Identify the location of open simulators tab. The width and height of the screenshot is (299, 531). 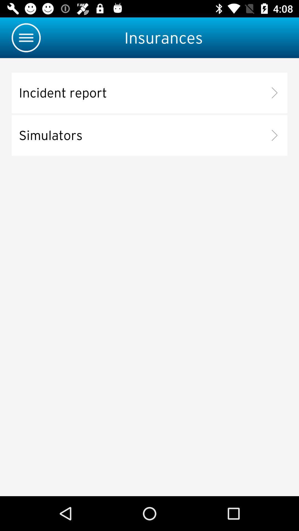
(149, 135).